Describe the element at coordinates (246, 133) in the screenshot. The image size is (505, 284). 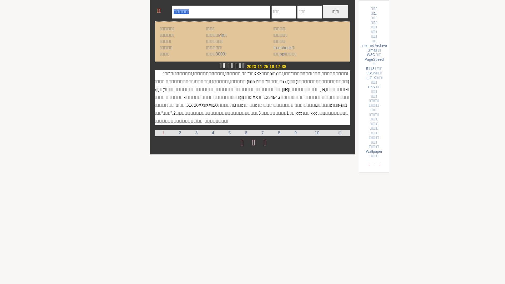
I see `'6'` at that location.